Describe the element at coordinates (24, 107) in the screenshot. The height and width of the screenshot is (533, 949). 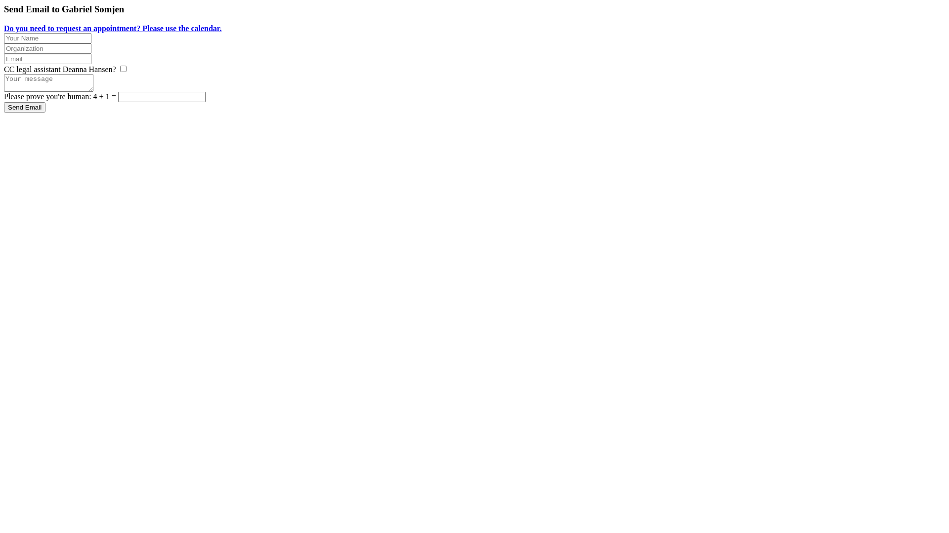
I see `'Send Email'` at that location.